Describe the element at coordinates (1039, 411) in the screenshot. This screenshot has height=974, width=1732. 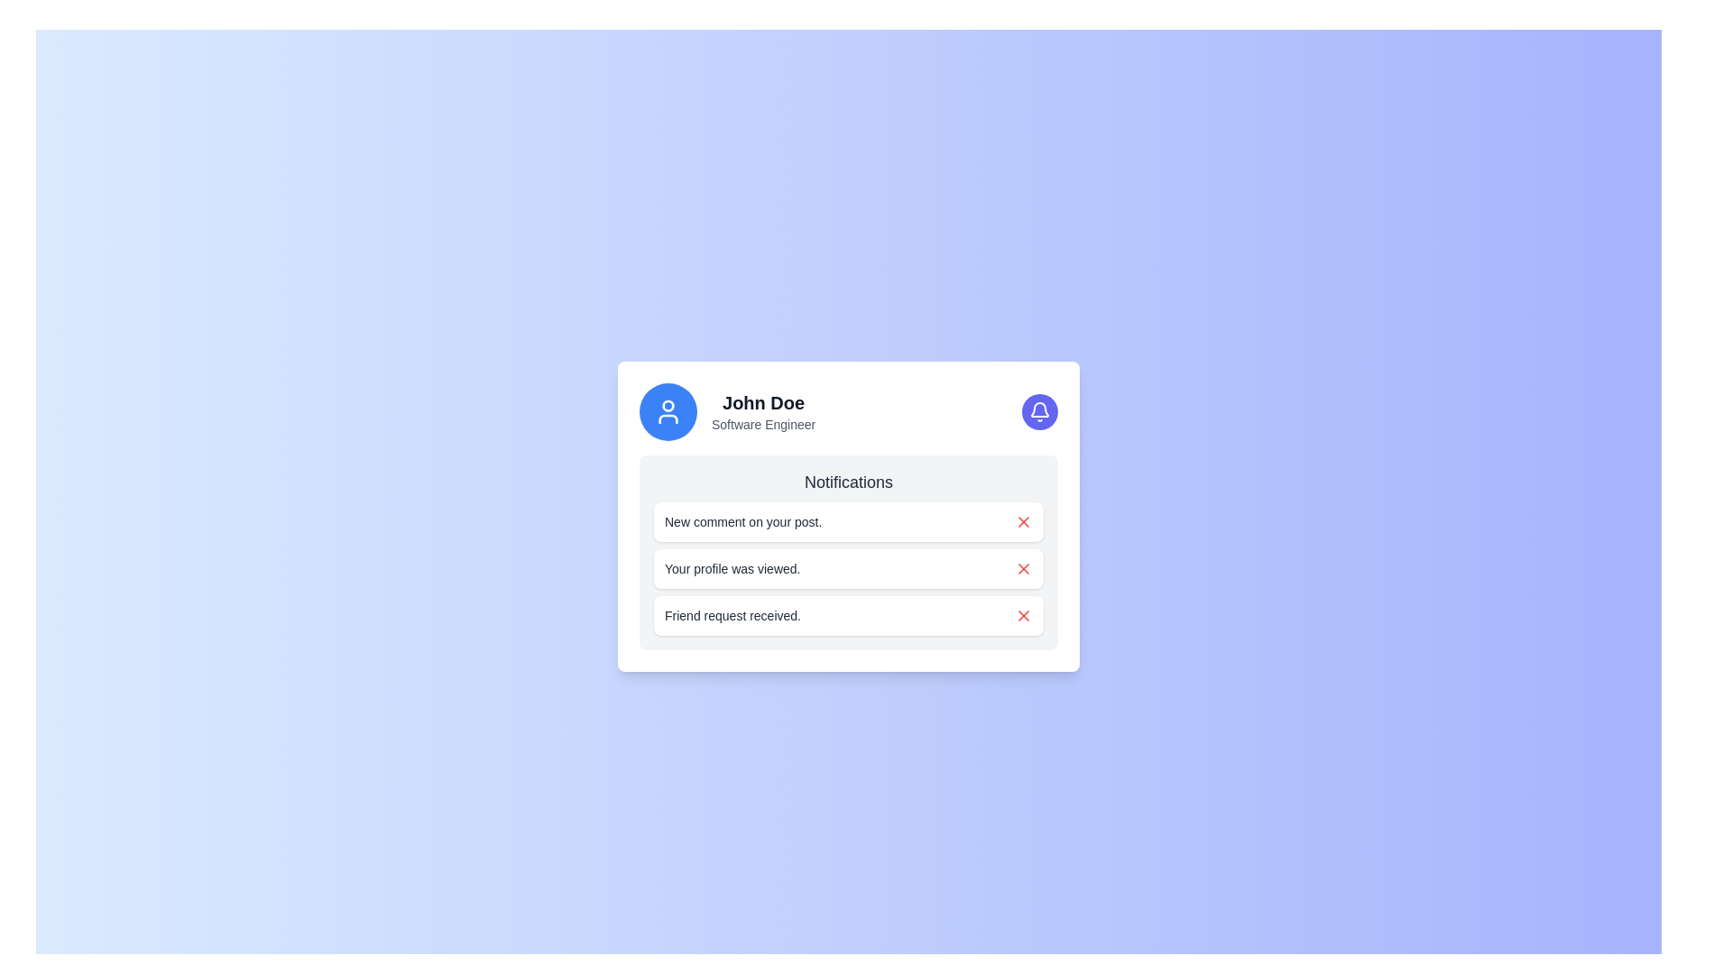
I see `the button located at the far-right of the header section` at that location.